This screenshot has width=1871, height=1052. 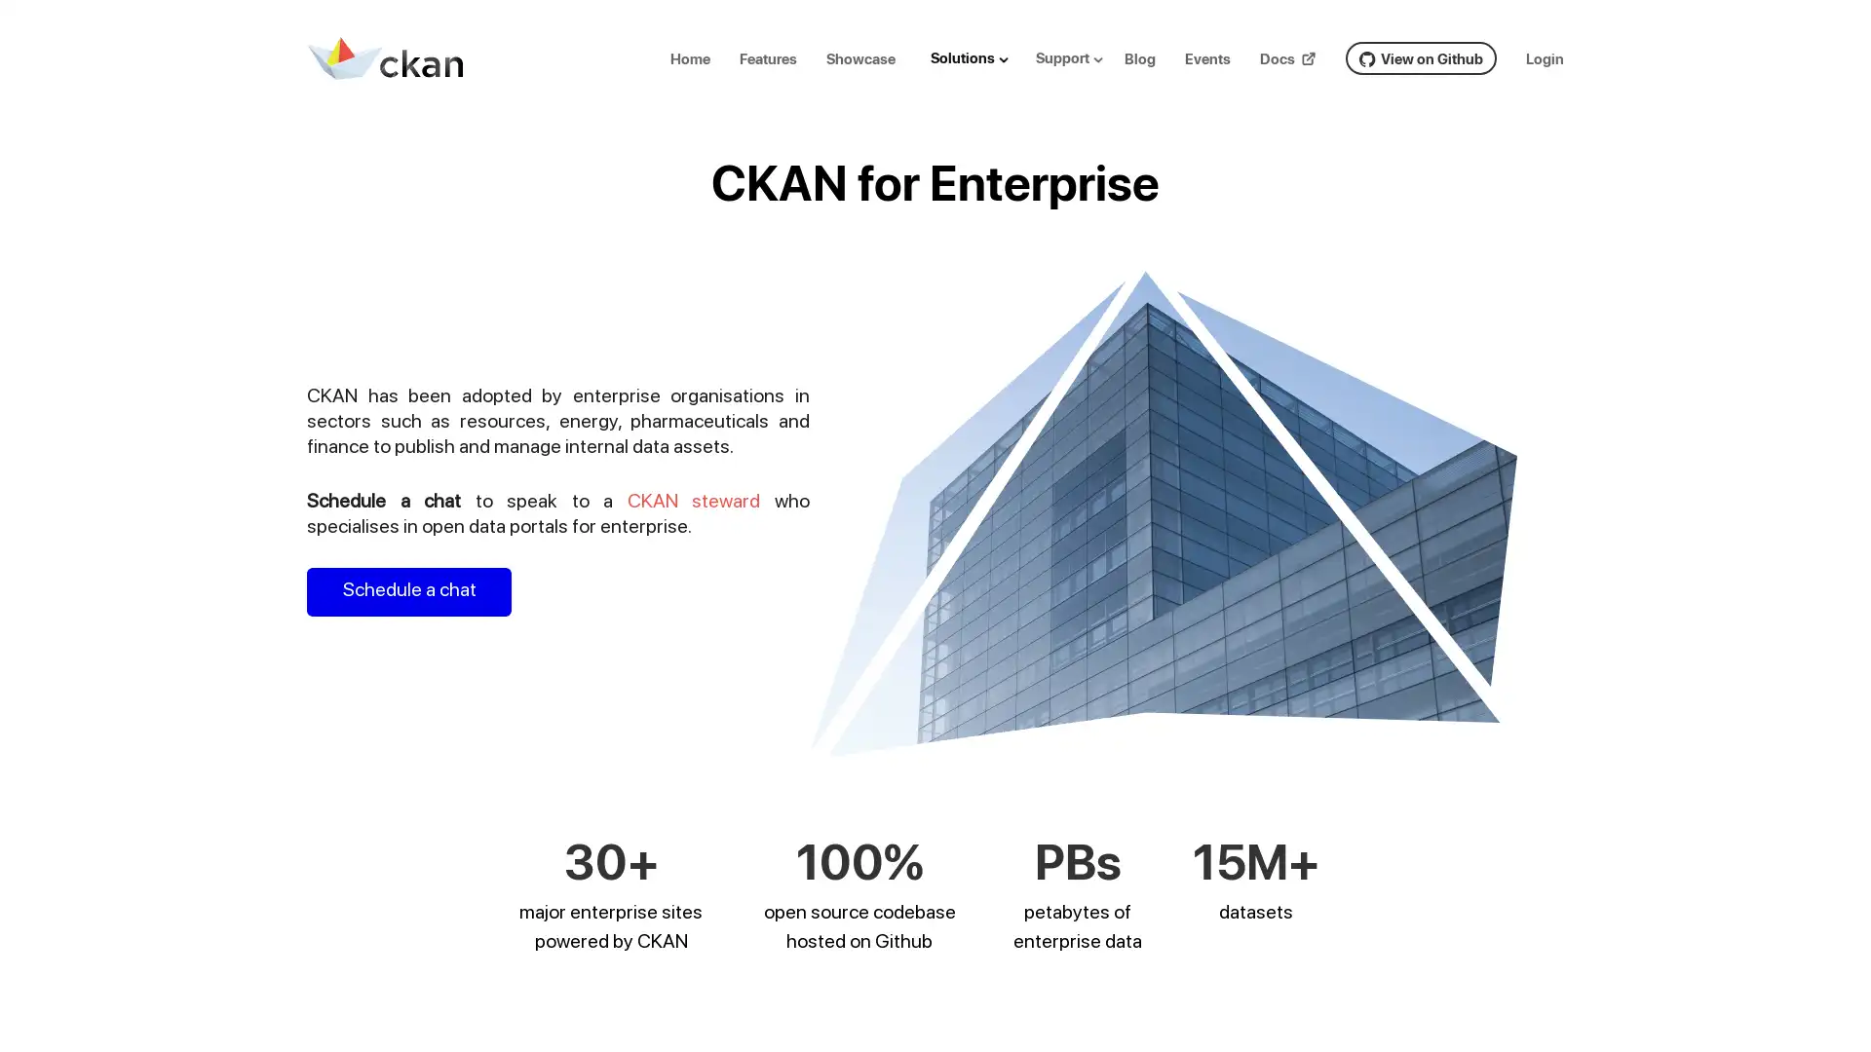 I want to click on Solutions, so click(x=977, y=56).